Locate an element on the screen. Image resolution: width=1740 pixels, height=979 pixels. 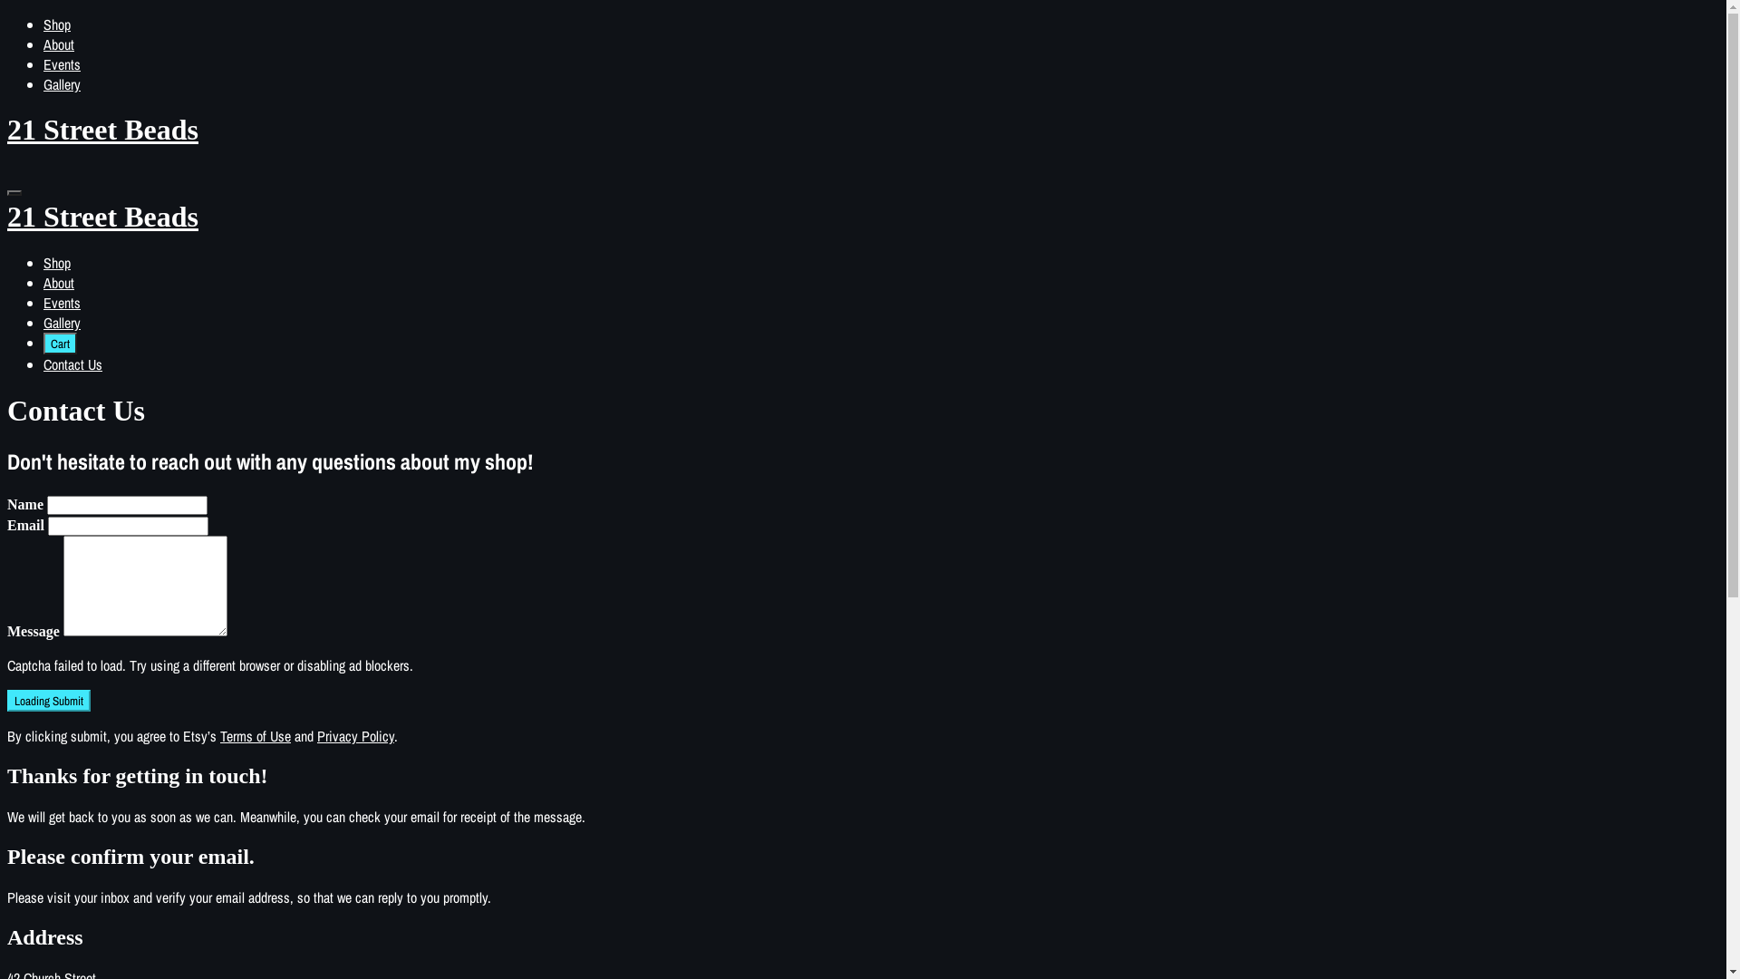
'Shop' is located at coordinates (56, 262).